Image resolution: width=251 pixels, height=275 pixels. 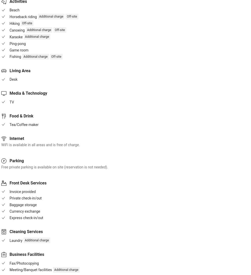 What do you see at coordinates (14, 23) in the screenshot?
I see `'Hiking'` at bounding box center [14, 23].